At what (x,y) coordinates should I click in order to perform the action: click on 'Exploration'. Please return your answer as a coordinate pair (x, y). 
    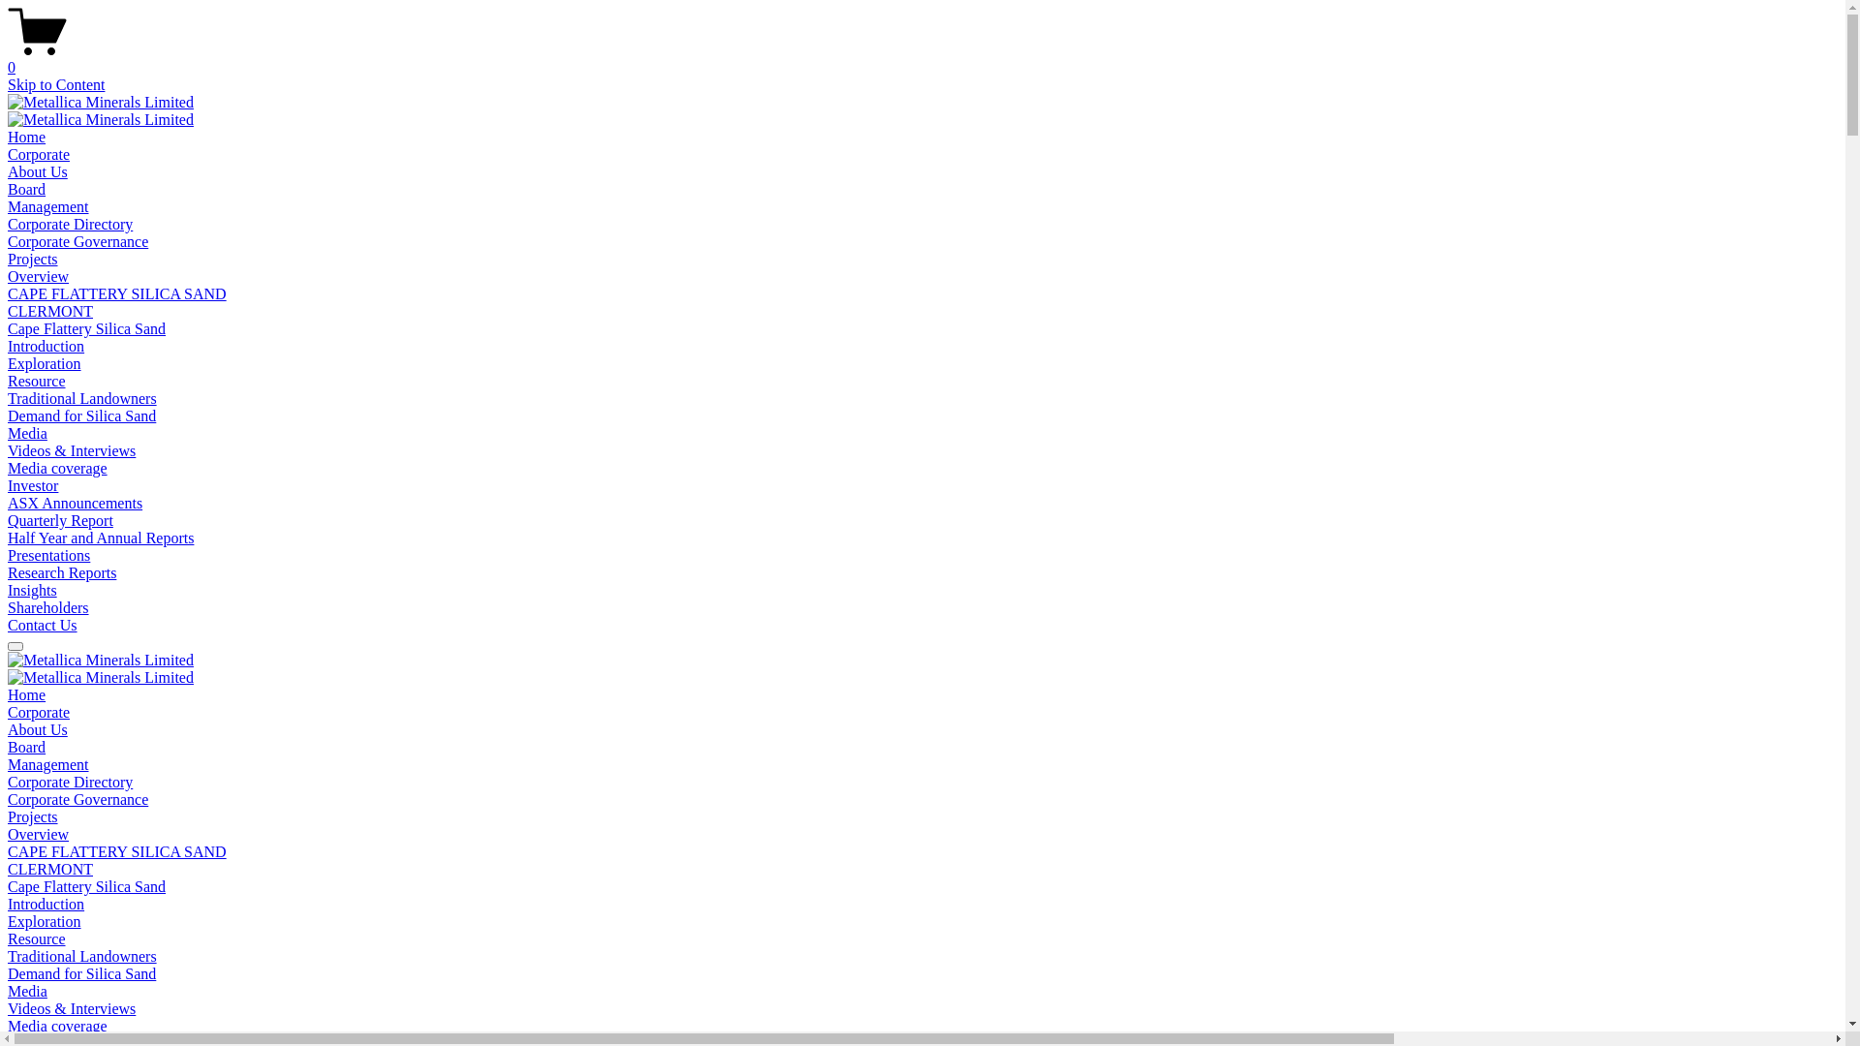
    Looking at the image, I should click on (45, 920).